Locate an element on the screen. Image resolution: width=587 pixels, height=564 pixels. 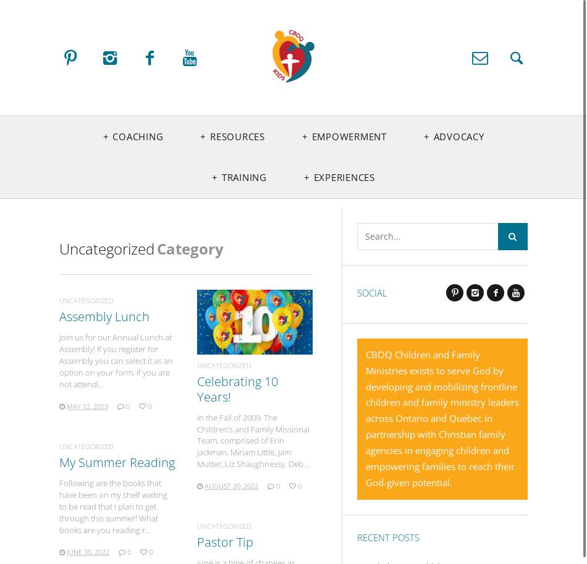
'Celebrating 10 Years!' is located at coordinates (237, 388).